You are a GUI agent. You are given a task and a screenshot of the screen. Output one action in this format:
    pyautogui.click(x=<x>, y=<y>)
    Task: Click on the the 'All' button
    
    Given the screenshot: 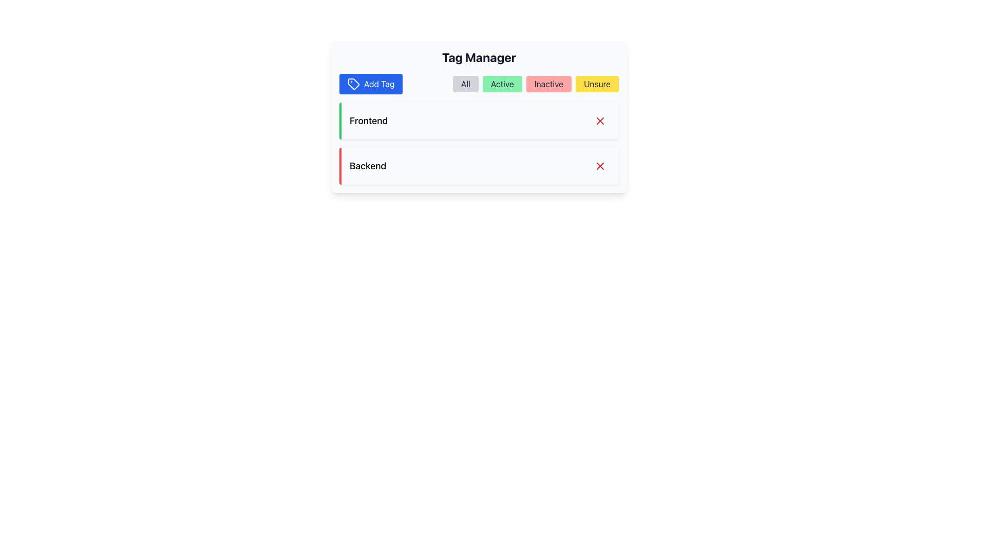 What is the action you would take?
    pyautogui.click(x=465, y=84)
    